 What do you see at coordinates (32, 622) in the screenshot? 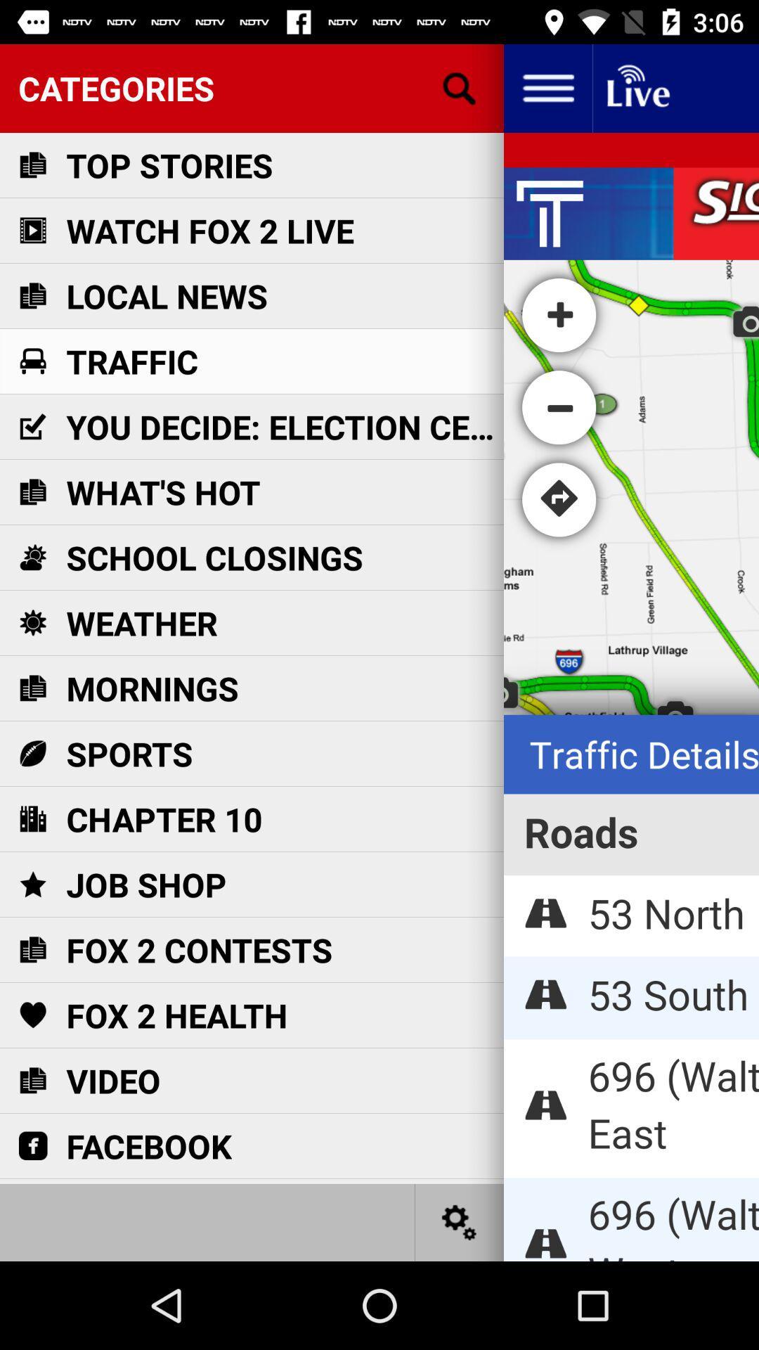
I see `icon left to weather` at bounding box center [32, 622].